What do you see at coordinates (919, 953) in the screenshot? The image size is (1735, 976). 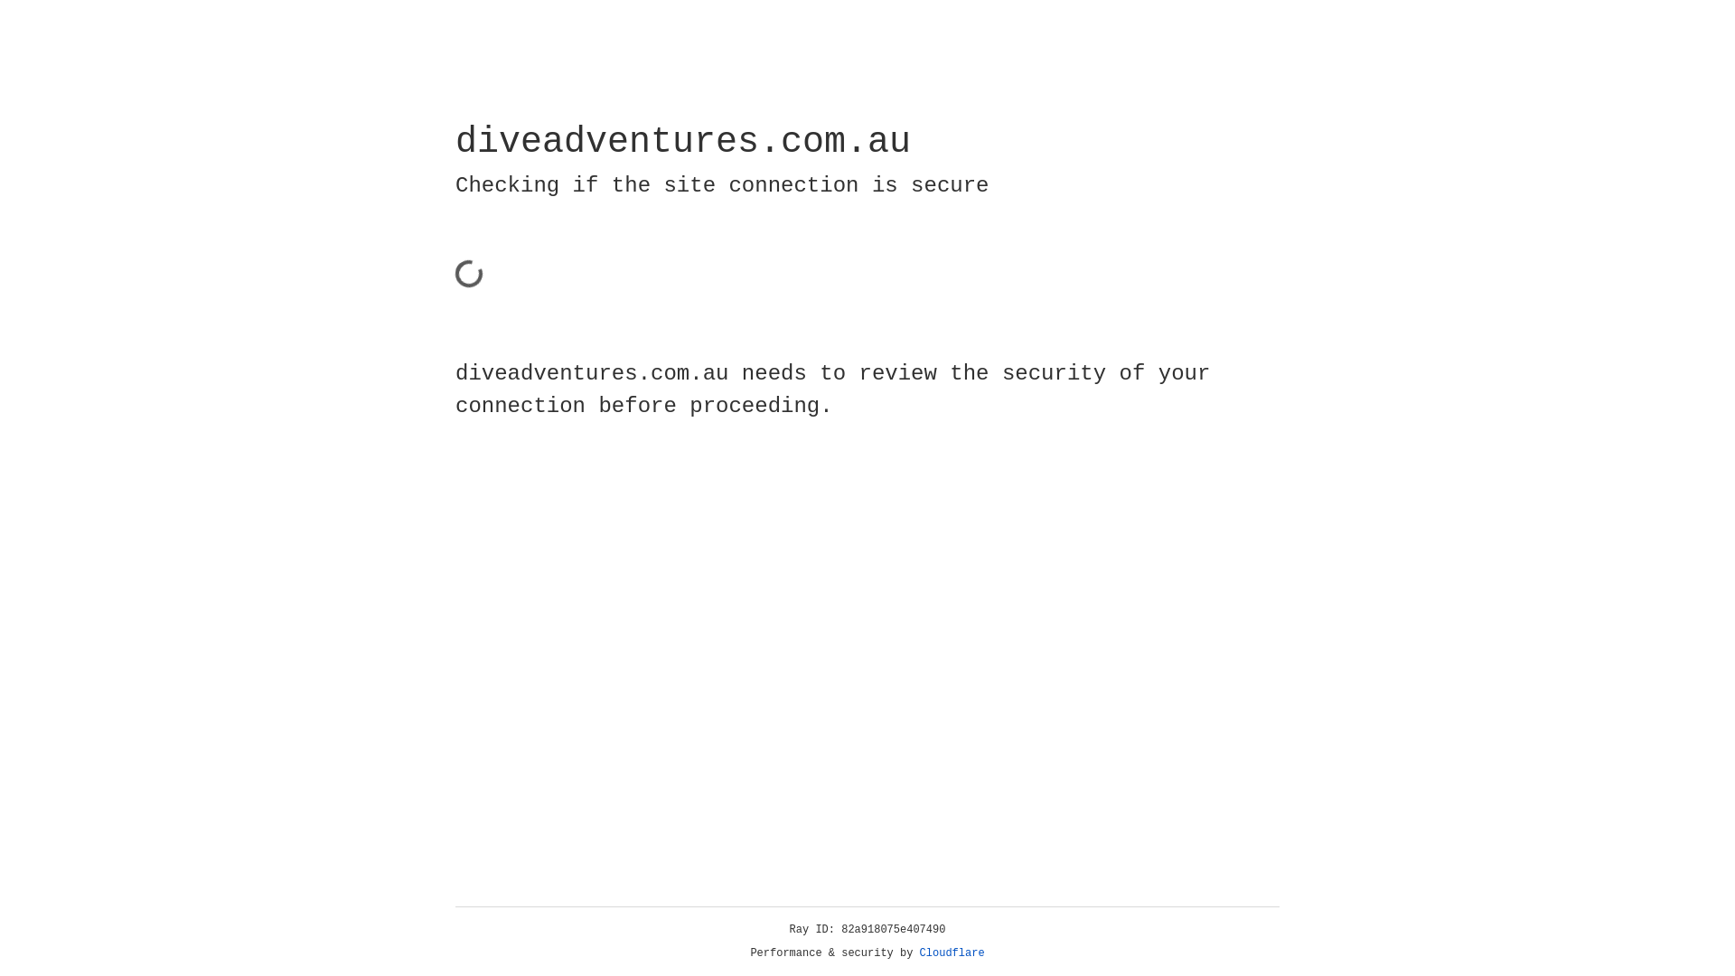 I see `'Cloudflare'` at bounding box center [919, 953].